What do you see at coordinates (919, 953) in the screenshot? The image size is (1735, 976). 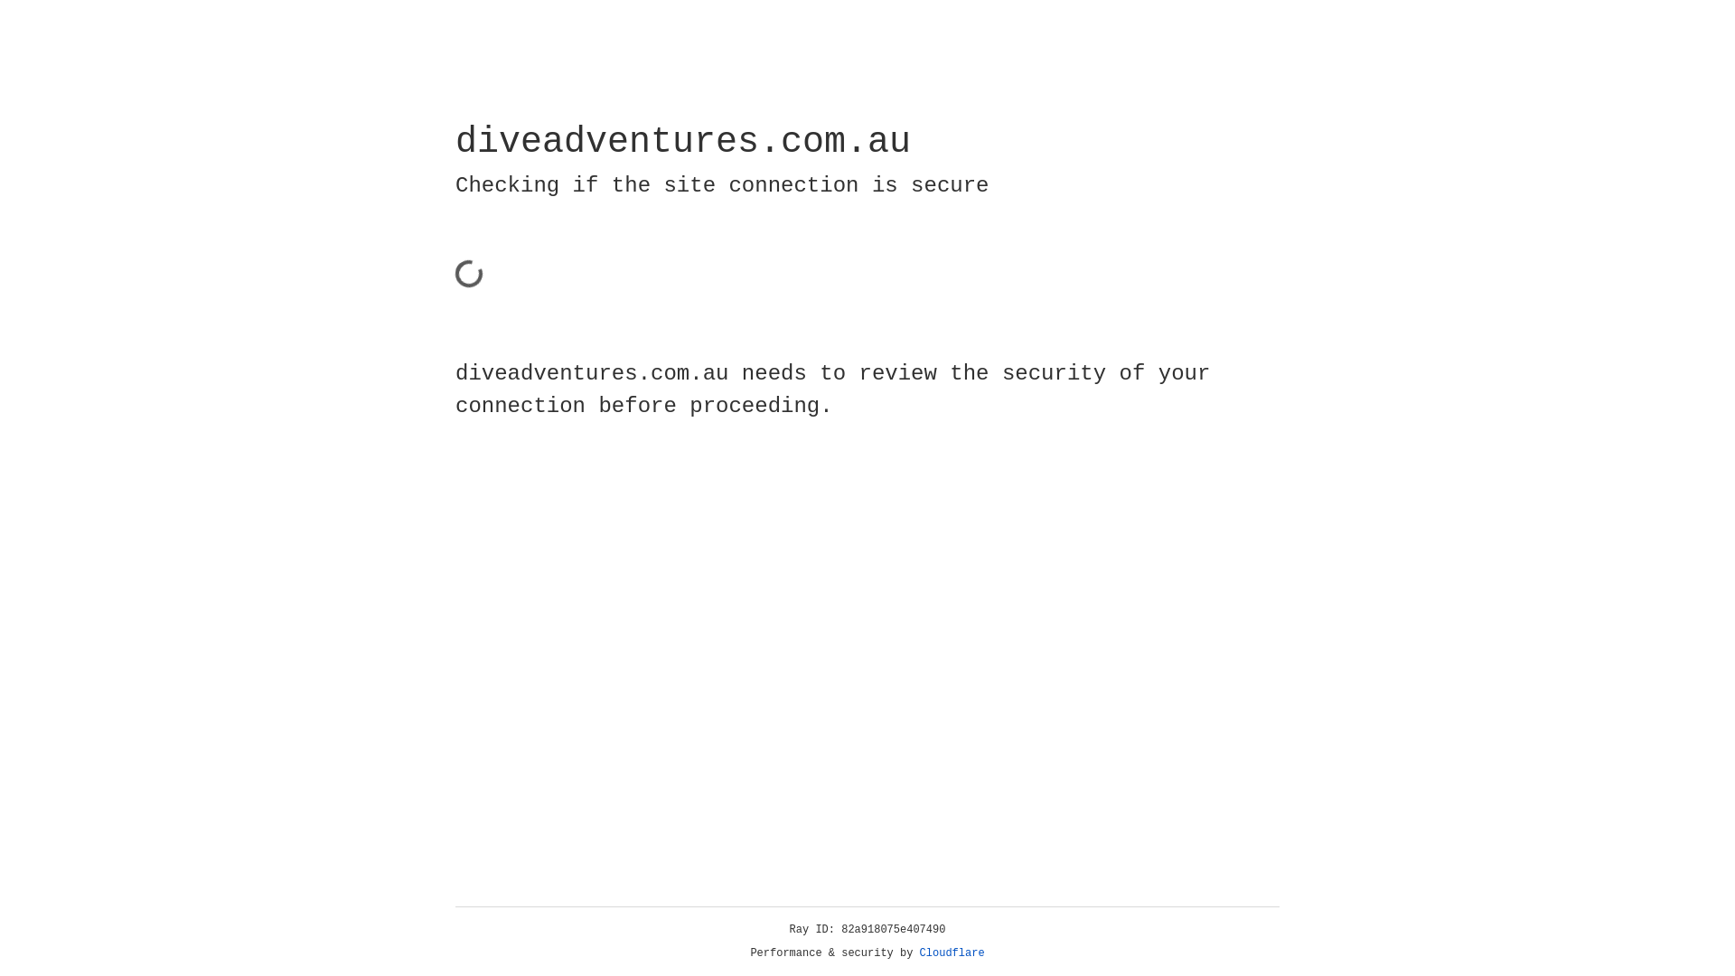 I see `'Cloudflare'` at bounding box center [919, 953].